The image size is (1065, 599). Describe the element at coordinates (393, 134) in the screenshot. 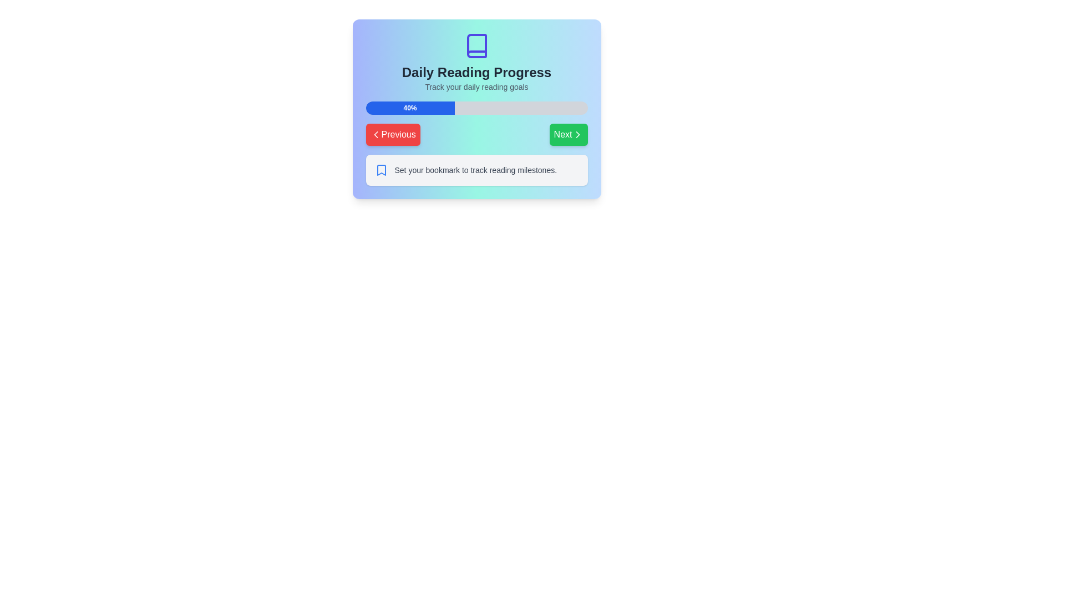

I see `the interactive button located on the left side of the layout, which navigates to the previous item or section in a sequence` at that location.